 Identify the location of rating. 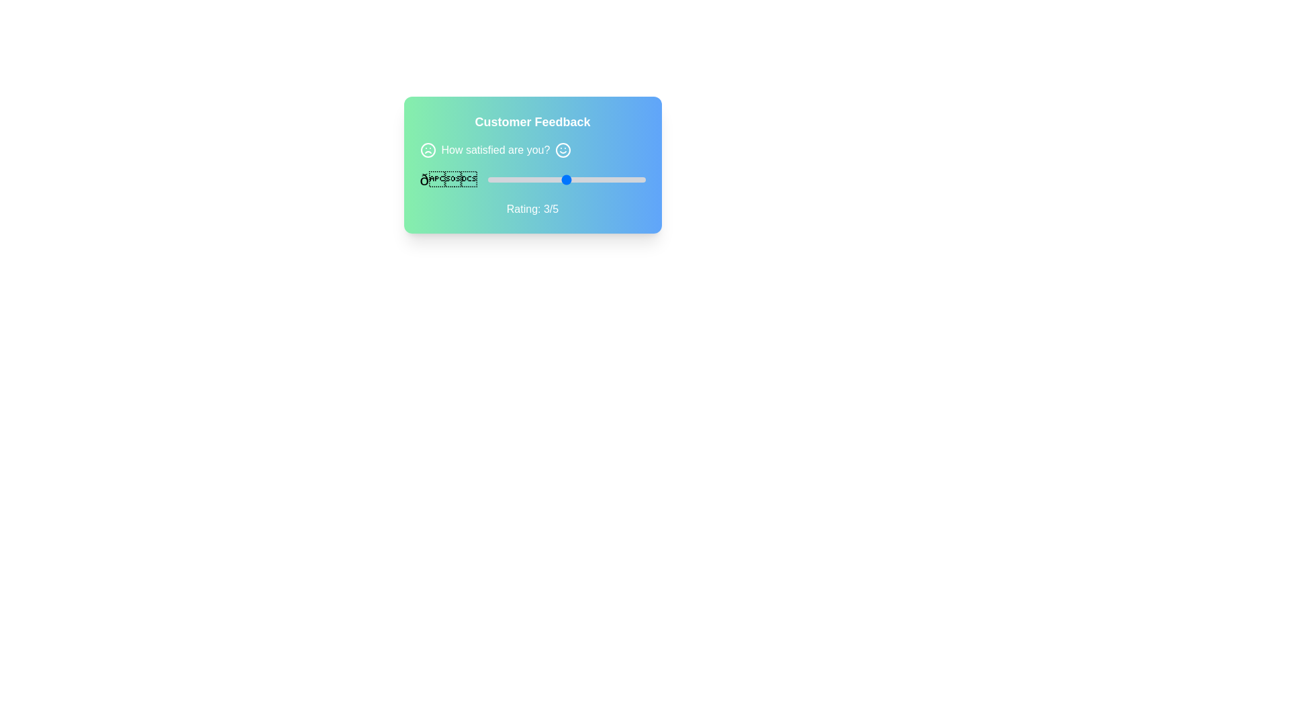
(526, 179).